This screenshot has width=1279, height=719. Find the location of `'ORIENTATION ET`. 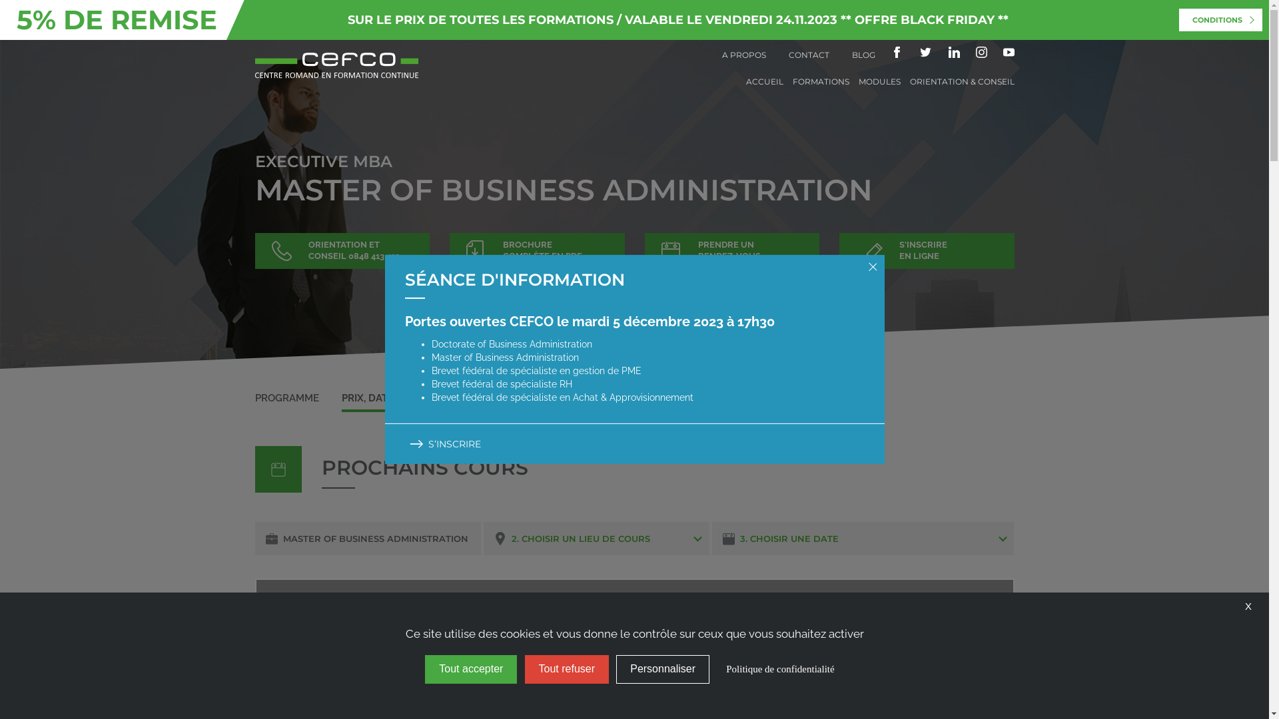

'ORIENTATION ET is located at coordinates (254, 251).